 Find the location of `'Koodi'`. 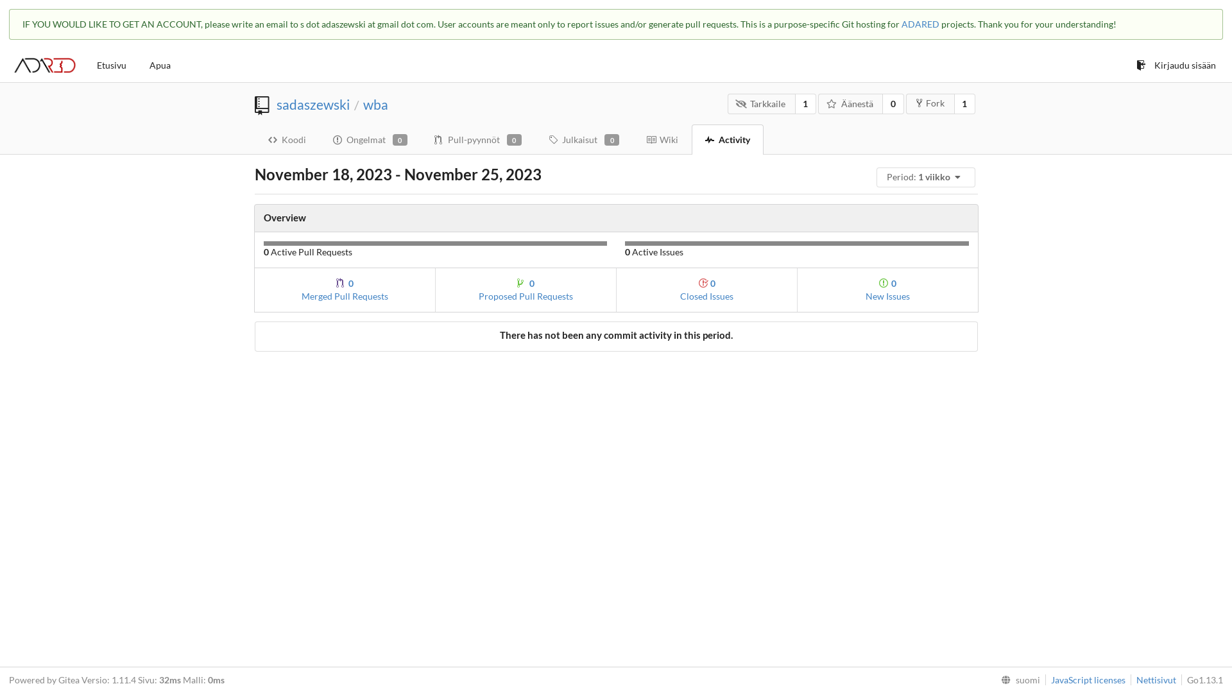

'Koodi' is located at coordinates (286, 139).